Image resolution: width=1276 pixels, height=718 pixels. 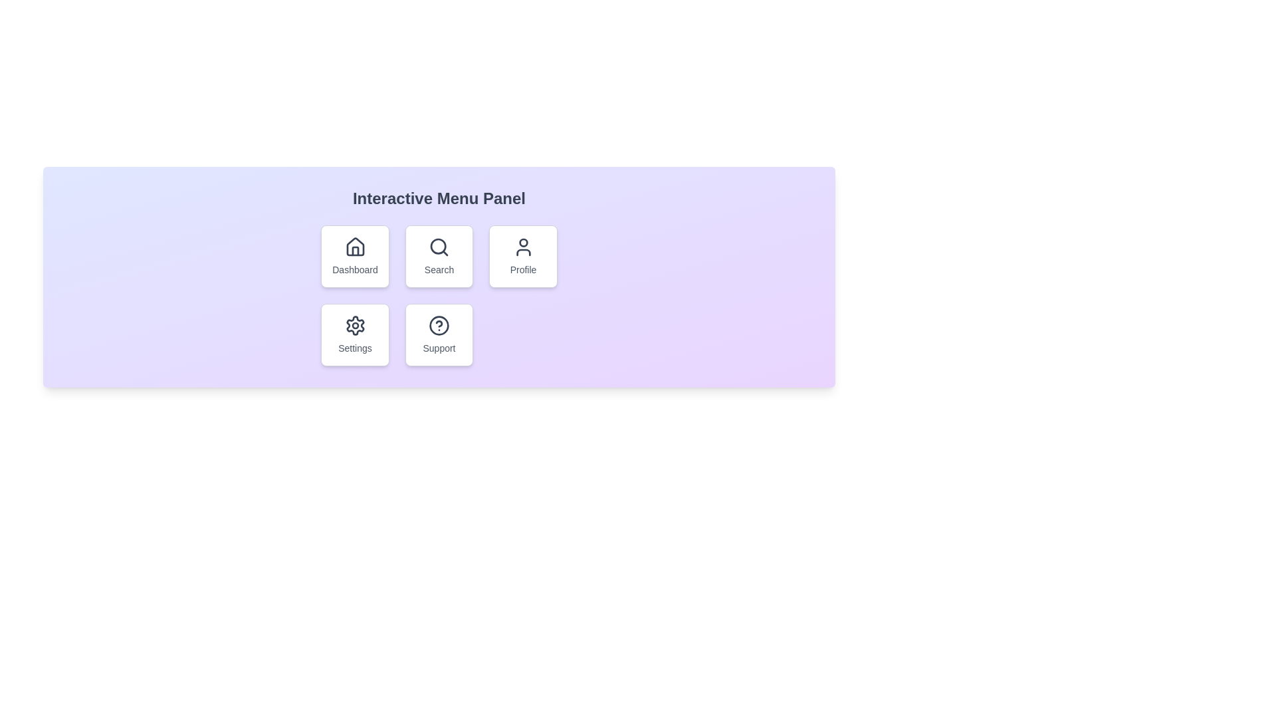 I want to click on the 'Profile' icon located in the top-right position of the grid layout within the card labeled 'Profile', so click(x=522, y=247).